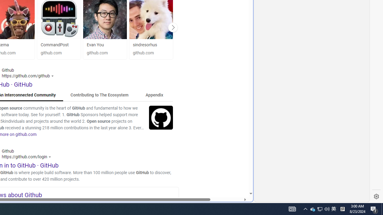  I want to click on 'Appendix', so click(154, 95).